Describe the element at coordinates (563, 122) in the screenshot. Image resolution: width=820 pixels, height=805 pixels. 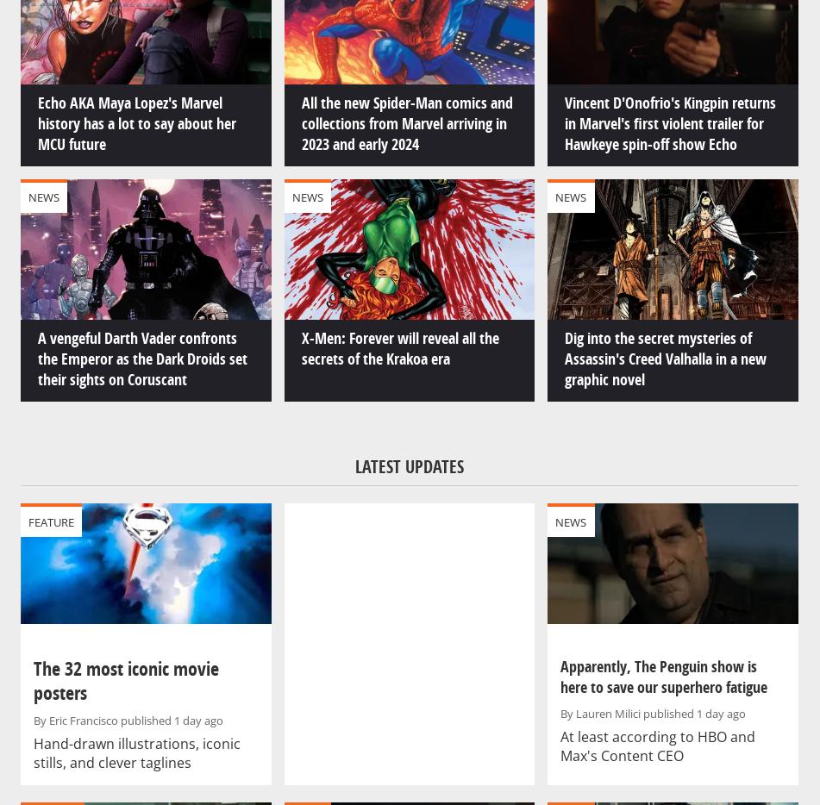
I see `'Vincent D'Onofrio's Kingpin returns in Marvel's first violent trailer for Hawkeye spin-off show Echo'` at that location.